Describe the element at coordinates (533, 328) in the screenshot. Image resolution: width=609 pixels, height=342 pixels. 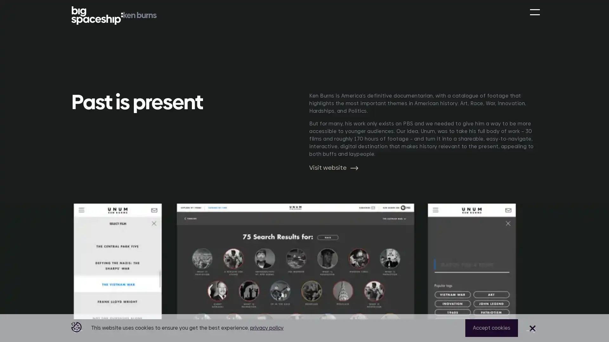
I see `Close` at that location.